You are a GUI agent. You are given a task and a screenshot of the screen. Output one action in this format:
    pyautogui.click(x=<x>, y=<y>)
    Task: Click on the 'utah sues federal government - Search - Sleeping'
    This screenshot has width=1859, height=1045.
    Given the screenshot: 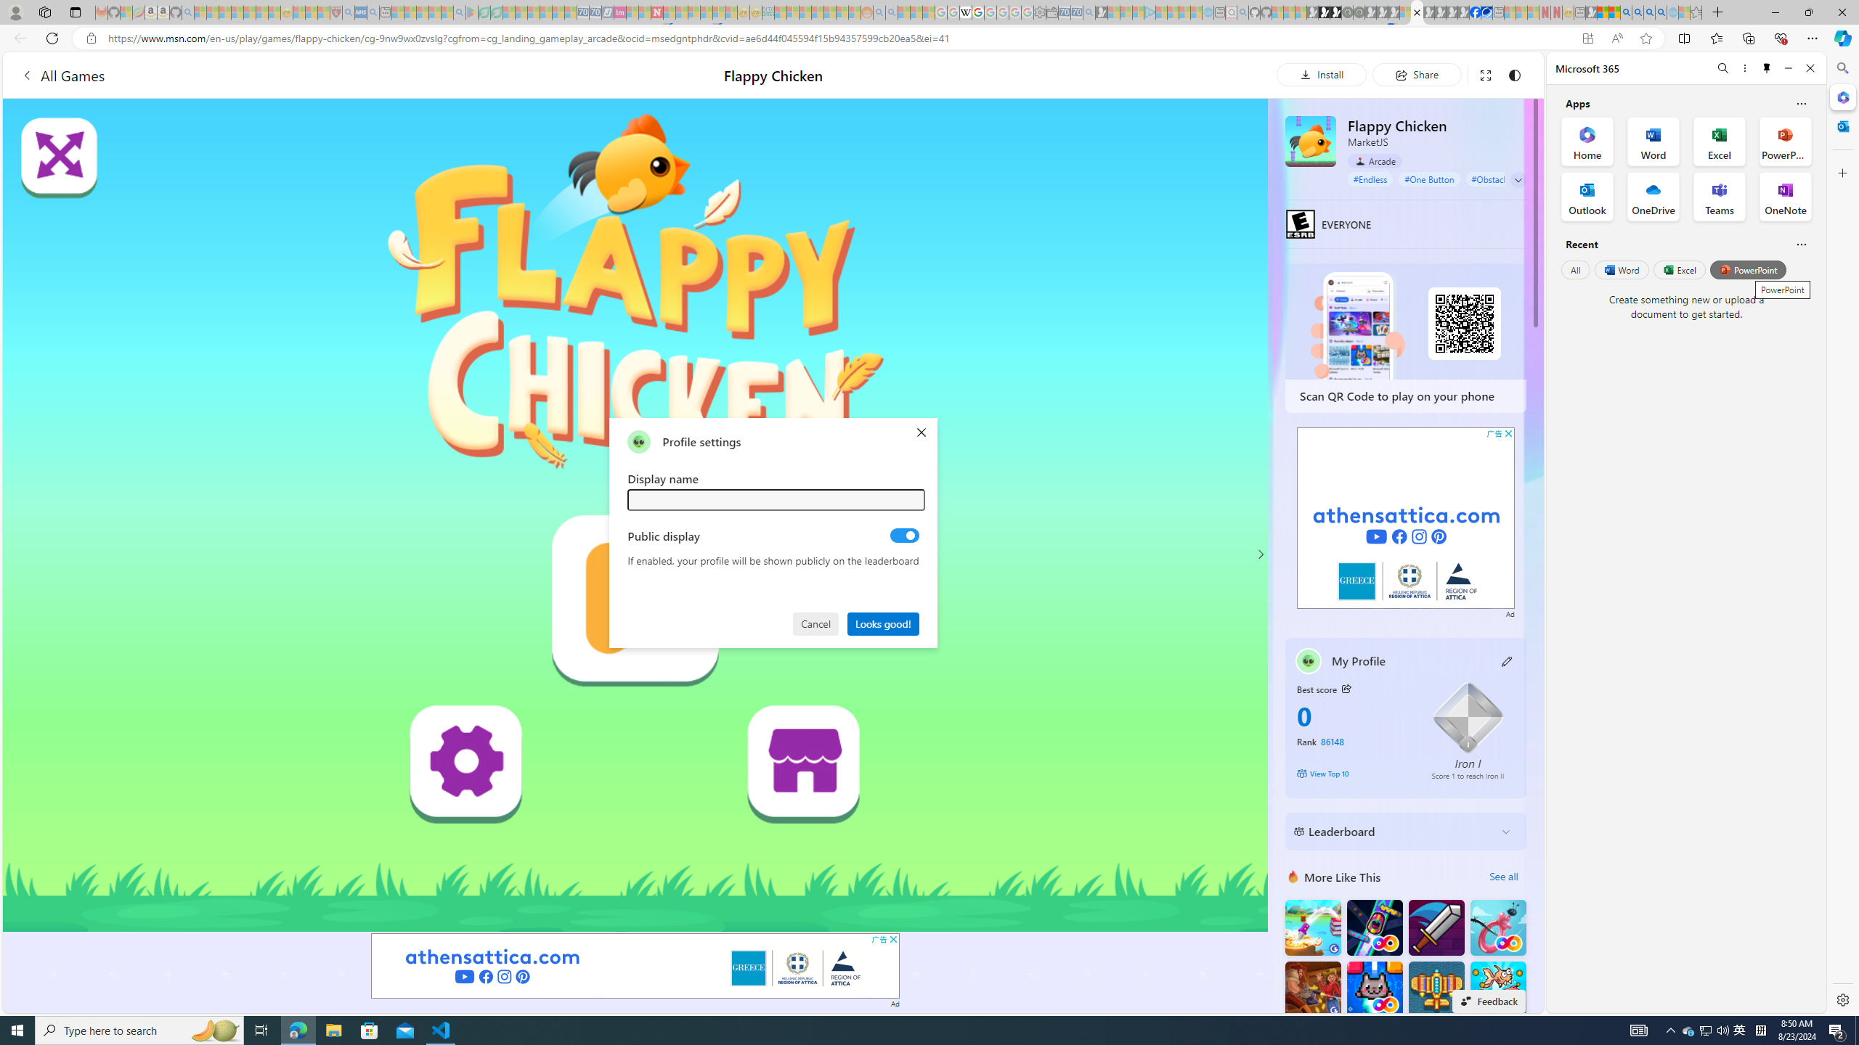 What is the action you would take?
    pyautogui.click(x=373, y=12)
    